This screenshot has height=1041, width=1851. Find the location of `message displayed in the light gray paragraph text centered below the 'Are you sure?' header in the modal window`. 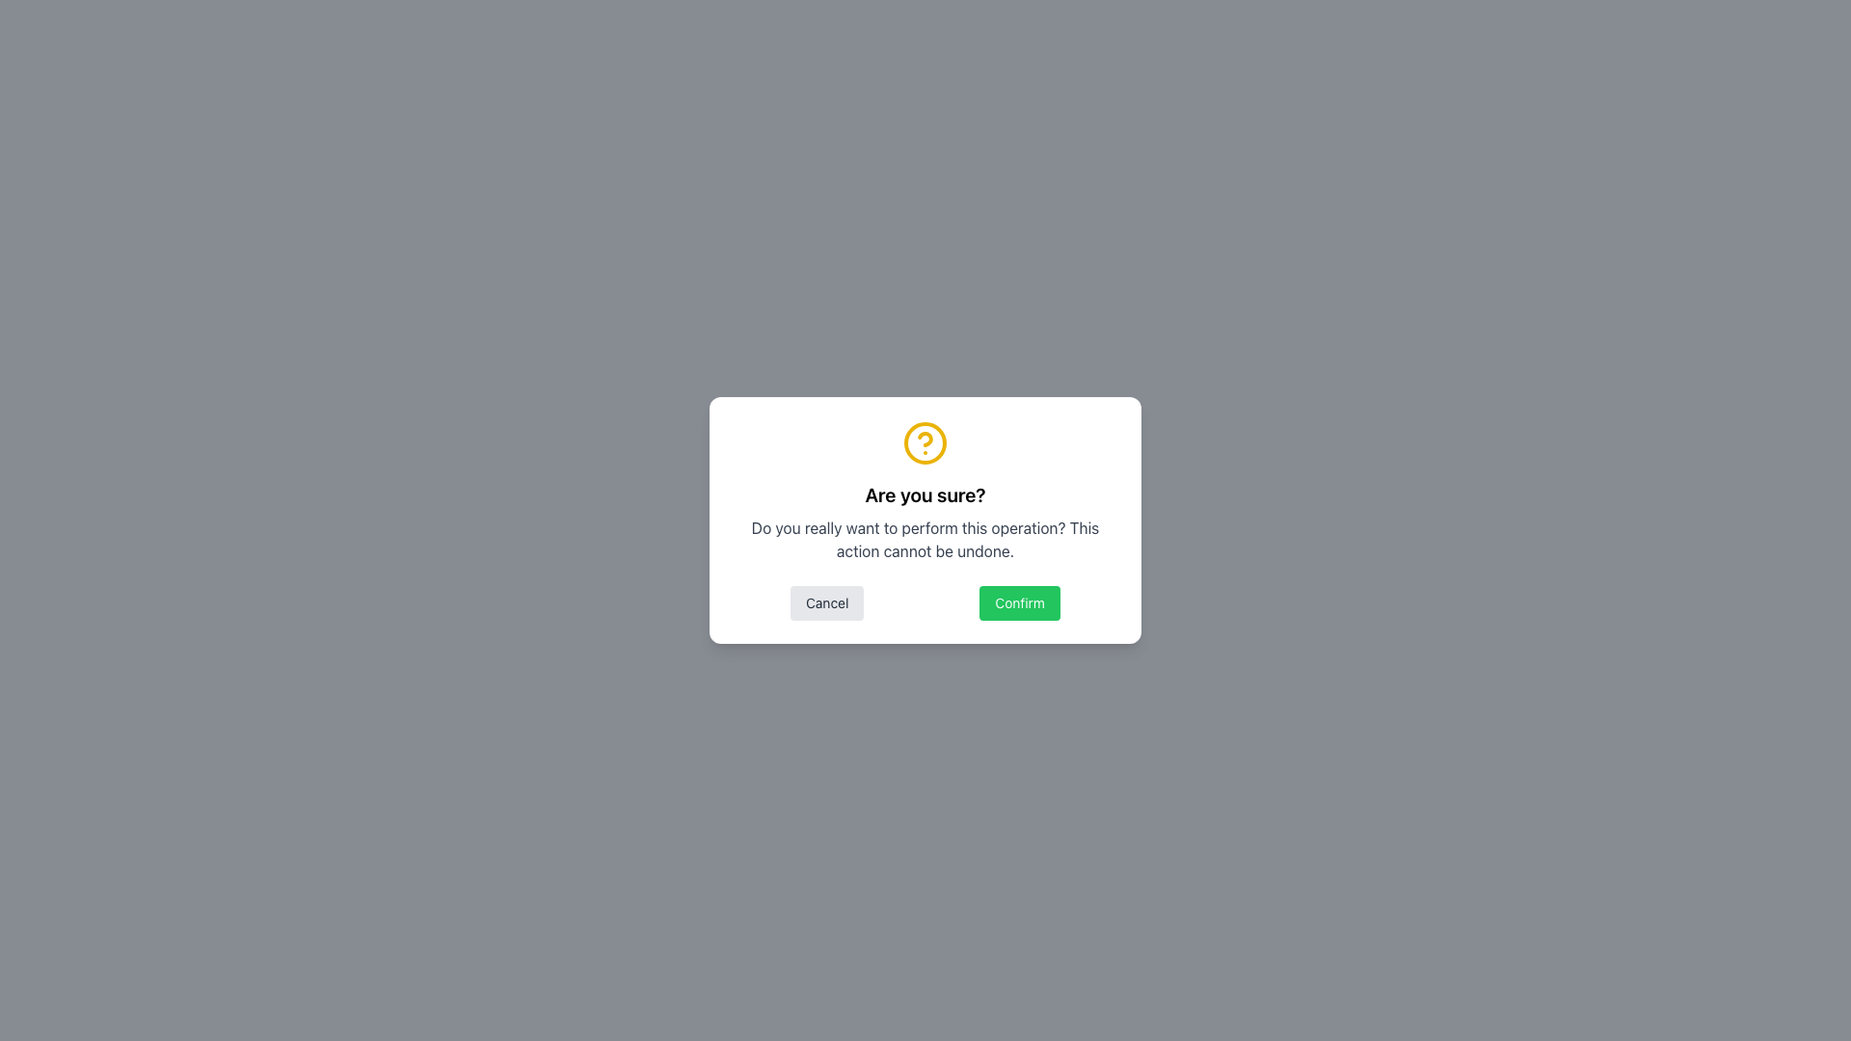

message displayed in the light gray paragraph text centered below the 'Are you sure?' header in the modal window is located at coordinates (925, 539).